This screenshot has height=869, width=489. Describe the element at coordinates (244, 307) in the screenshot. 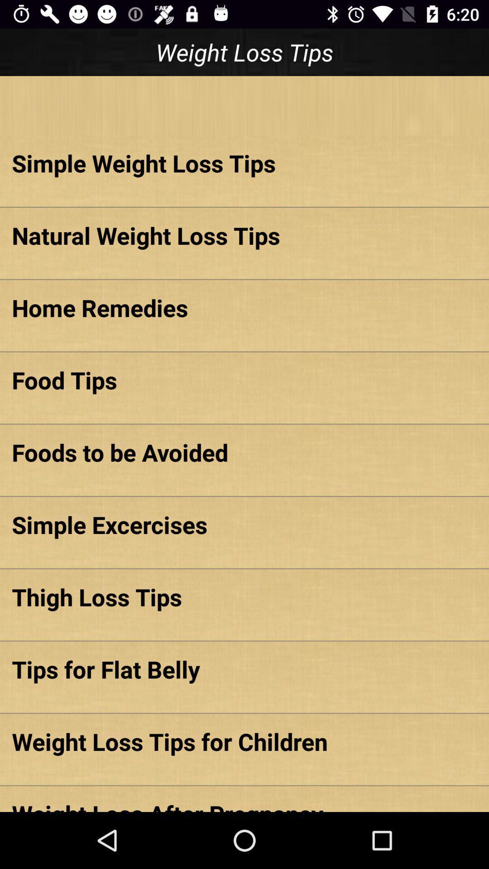

I see `the item below the natural weight loss item` at that location.